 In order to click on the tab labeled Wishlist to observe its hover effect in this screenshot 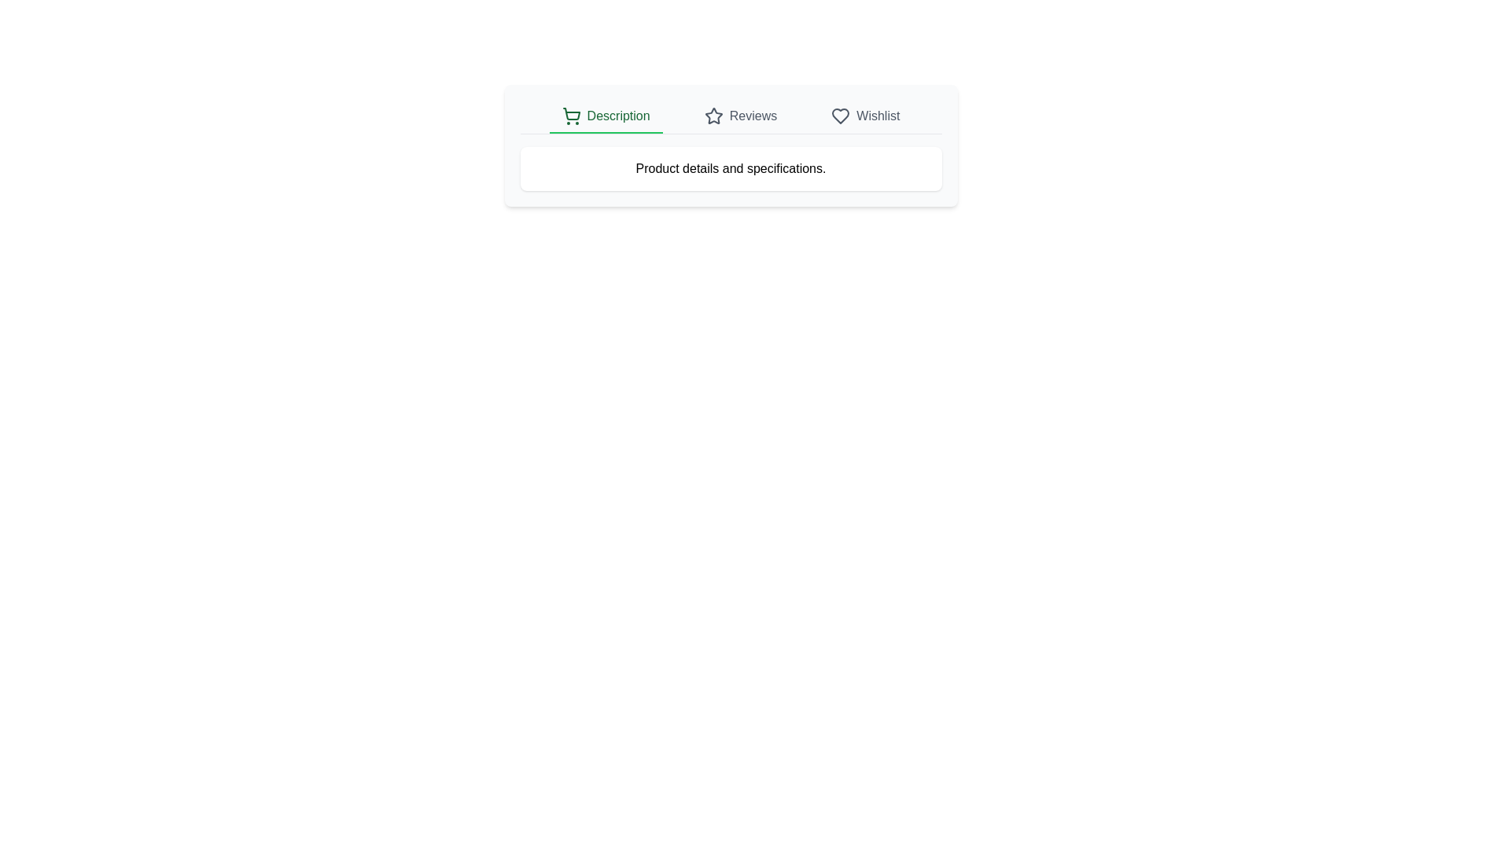, I will do `click(864, 116)`.